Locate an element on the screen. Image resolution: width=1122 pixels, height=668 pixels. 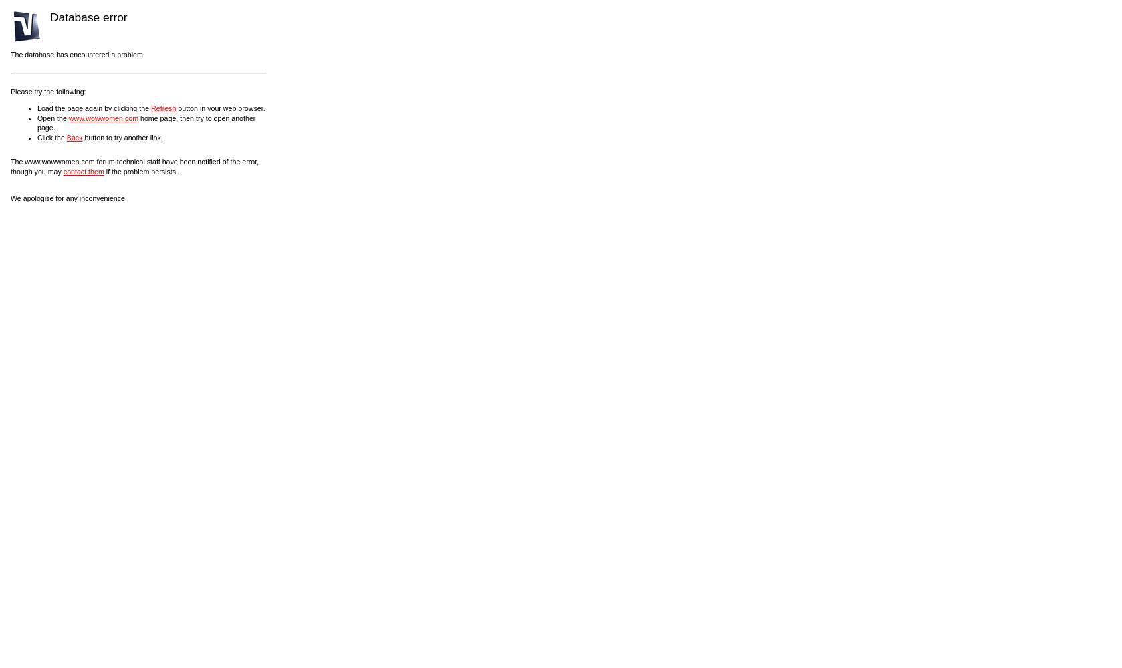
'The www.wowwomen.com forum technical staff have been notified of the error, though you may' is located at coordinates (10, 166).